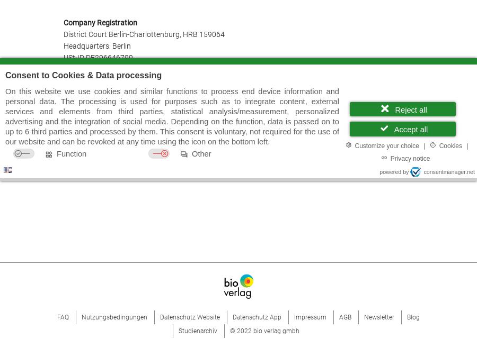 The width and height of the screenshot is (477, 348). Describe the element at coordinates (114, 316) in the screenshot. I see `'Nutzungsbedingungen'` at that location.